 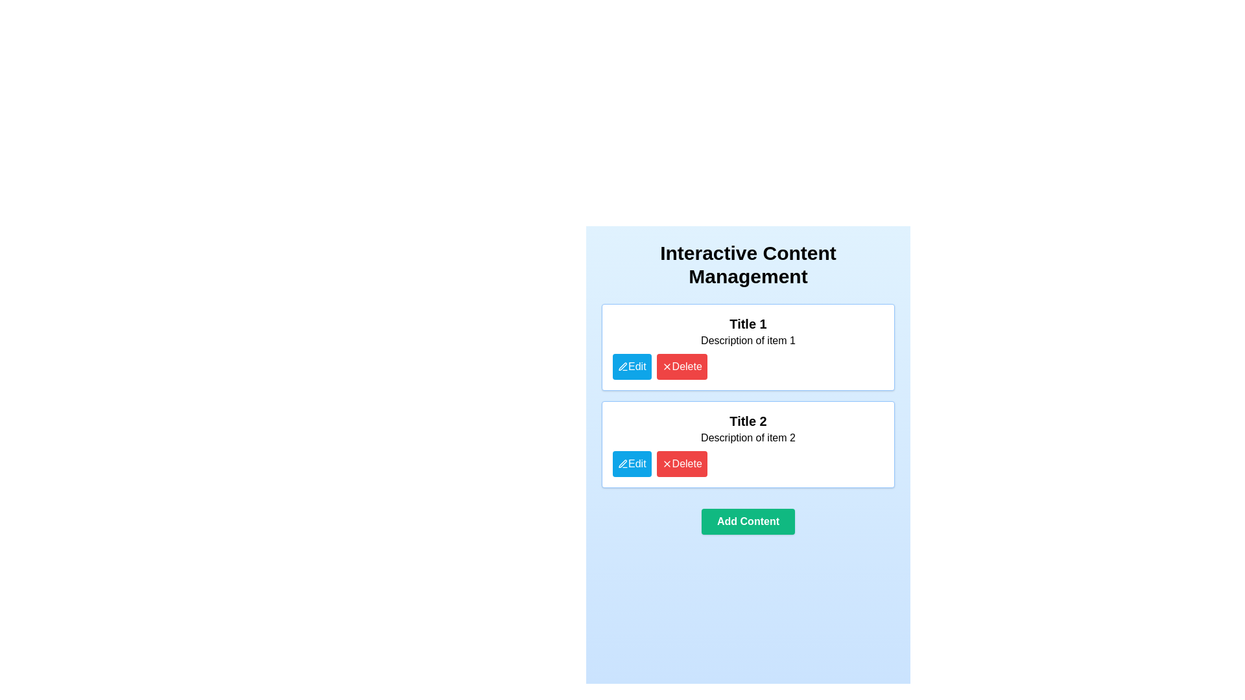 I want to click on the pen icon within the blue 'Edit' button, located to the left of the 'Delete' button in the second content block labeled 'Title 2', so click(x=622, y=463).